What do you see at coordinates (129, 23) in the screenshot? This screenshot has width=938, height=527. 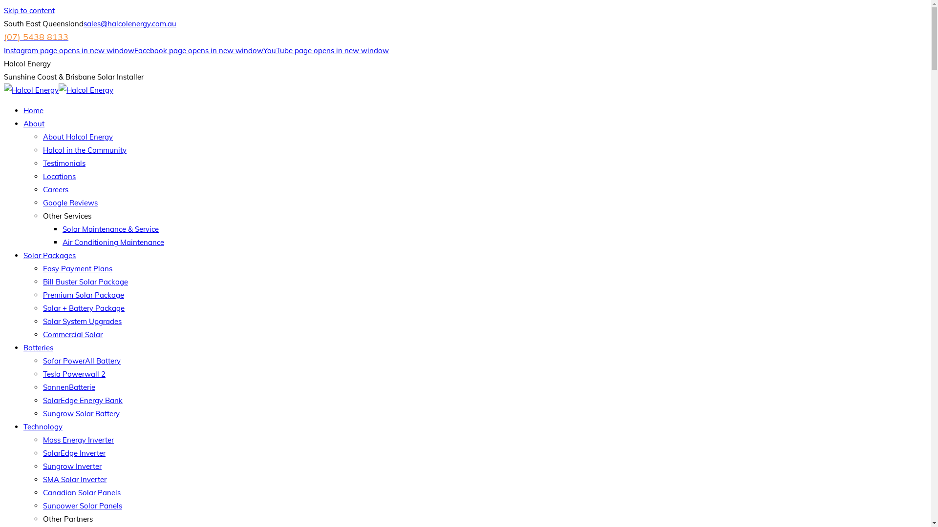 I see `'sales@halcolenergy.com.au'` at bounding box center [129, 23].